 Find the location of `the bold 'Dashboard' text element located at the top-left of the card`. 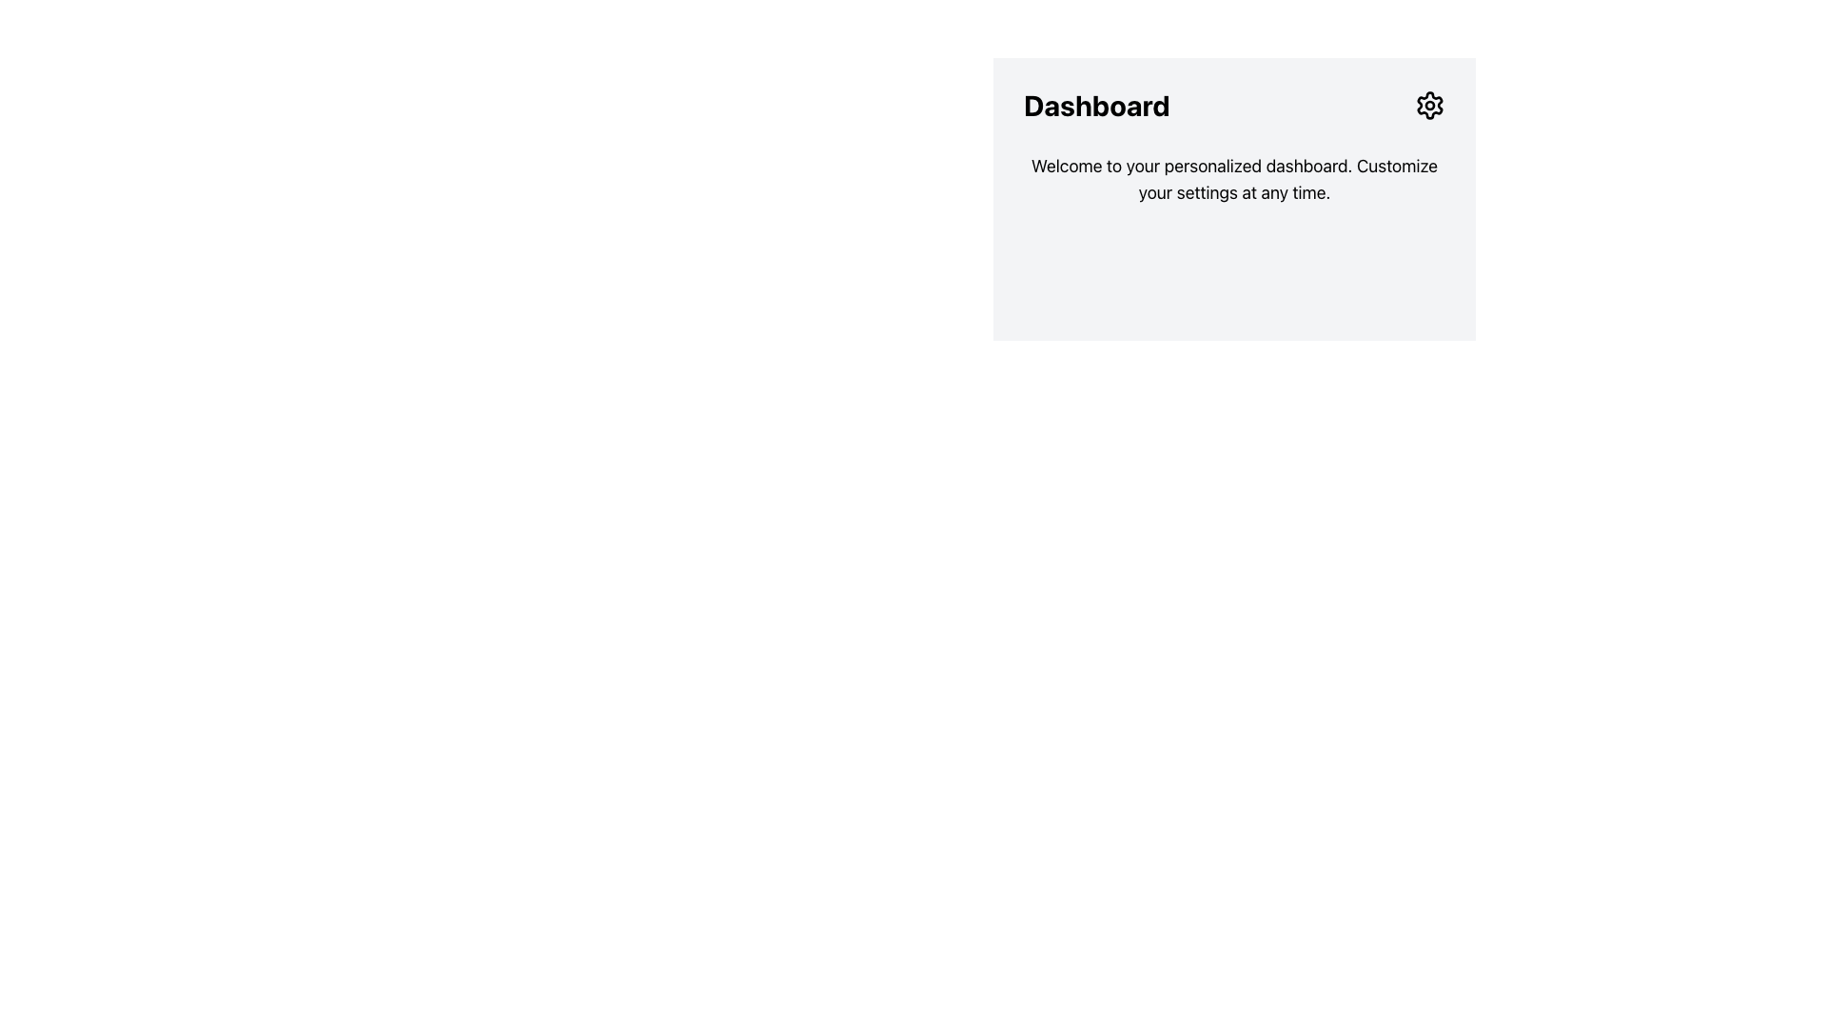

the bold 'Dashboard' text element located at the top-left of the card is located at coordinates (1096, 105).